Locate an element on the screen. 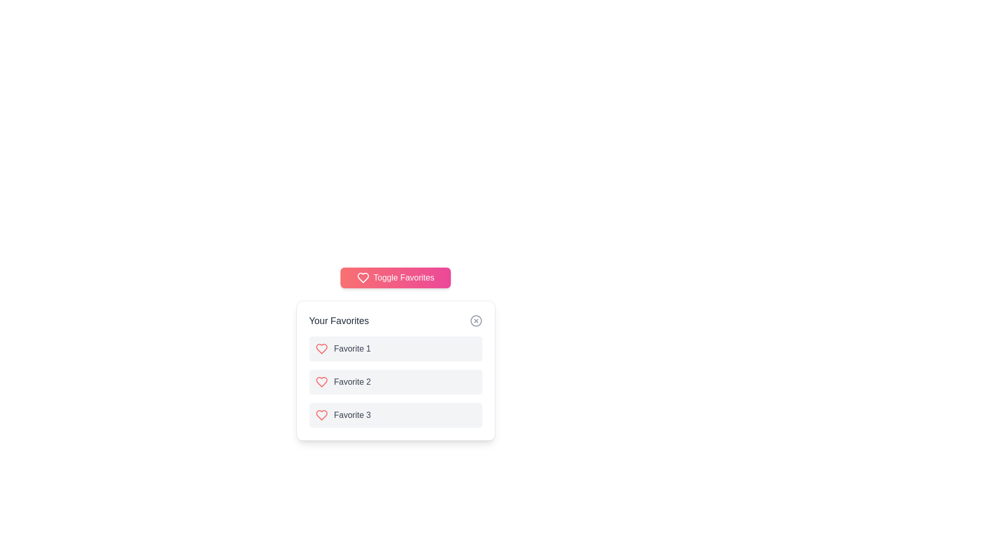 This screenshot has height=560, width=995. the toggle button located above the 'Your Favorites' section to show or hide the favorites list is located at coordinates (395, 277).